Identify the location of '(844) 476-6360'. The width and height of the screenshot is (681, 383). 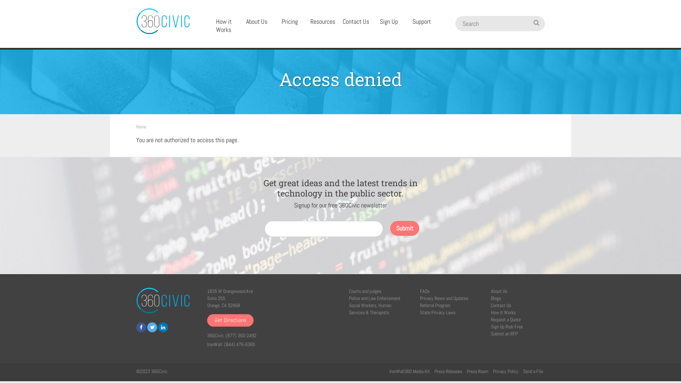
(239, 344).